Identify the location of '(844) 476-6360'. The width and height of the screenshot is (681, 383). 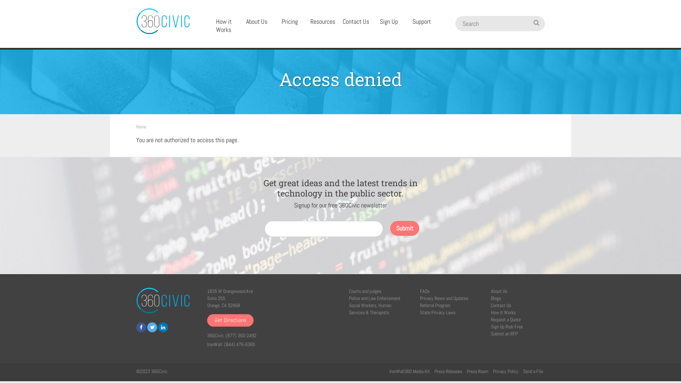
(239, 344).